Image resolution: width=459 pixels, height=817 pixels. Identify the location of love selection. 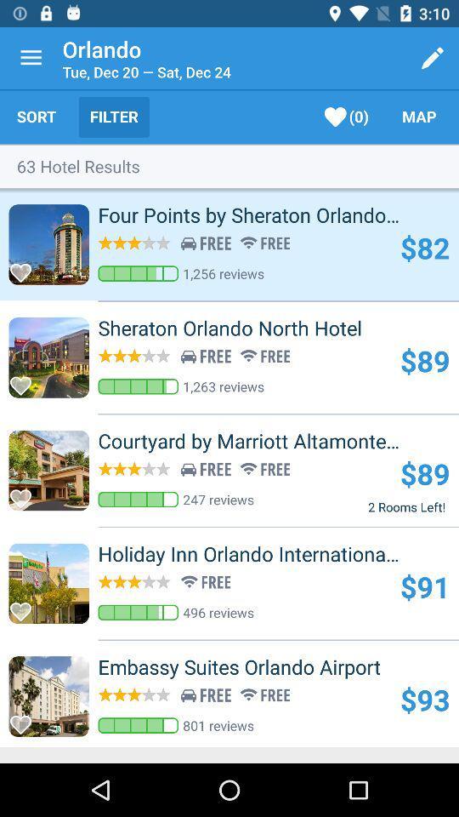
(25, 268).